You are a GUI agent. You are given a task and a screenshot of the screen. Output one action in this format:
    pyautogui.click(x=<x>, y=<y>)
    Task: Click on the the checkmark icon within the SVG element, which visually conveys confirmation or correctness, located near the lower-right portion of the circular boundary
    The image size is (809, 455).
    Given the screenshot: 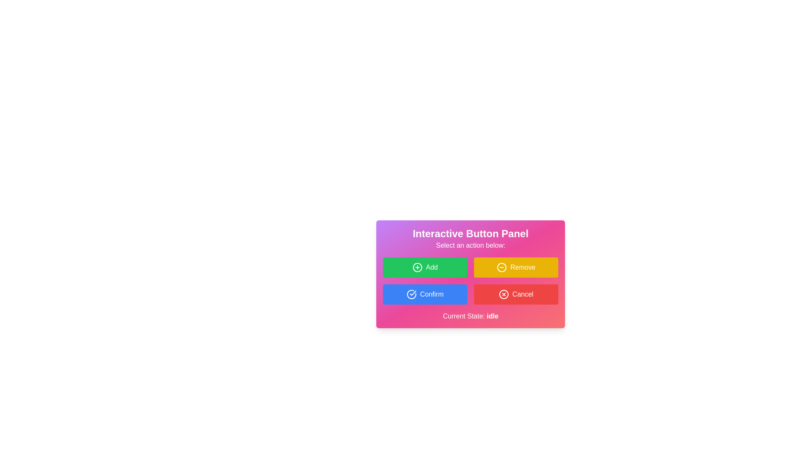 What is the action you would take?
    pyautogui.click(x=413, y=292)
    